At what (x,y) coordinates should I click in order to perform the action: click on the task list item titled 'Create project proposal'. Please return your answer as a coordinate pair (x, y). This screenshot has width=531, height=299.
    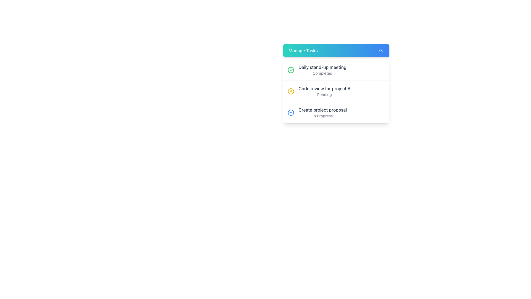
    Looking at the image, I should click on (336, 112).